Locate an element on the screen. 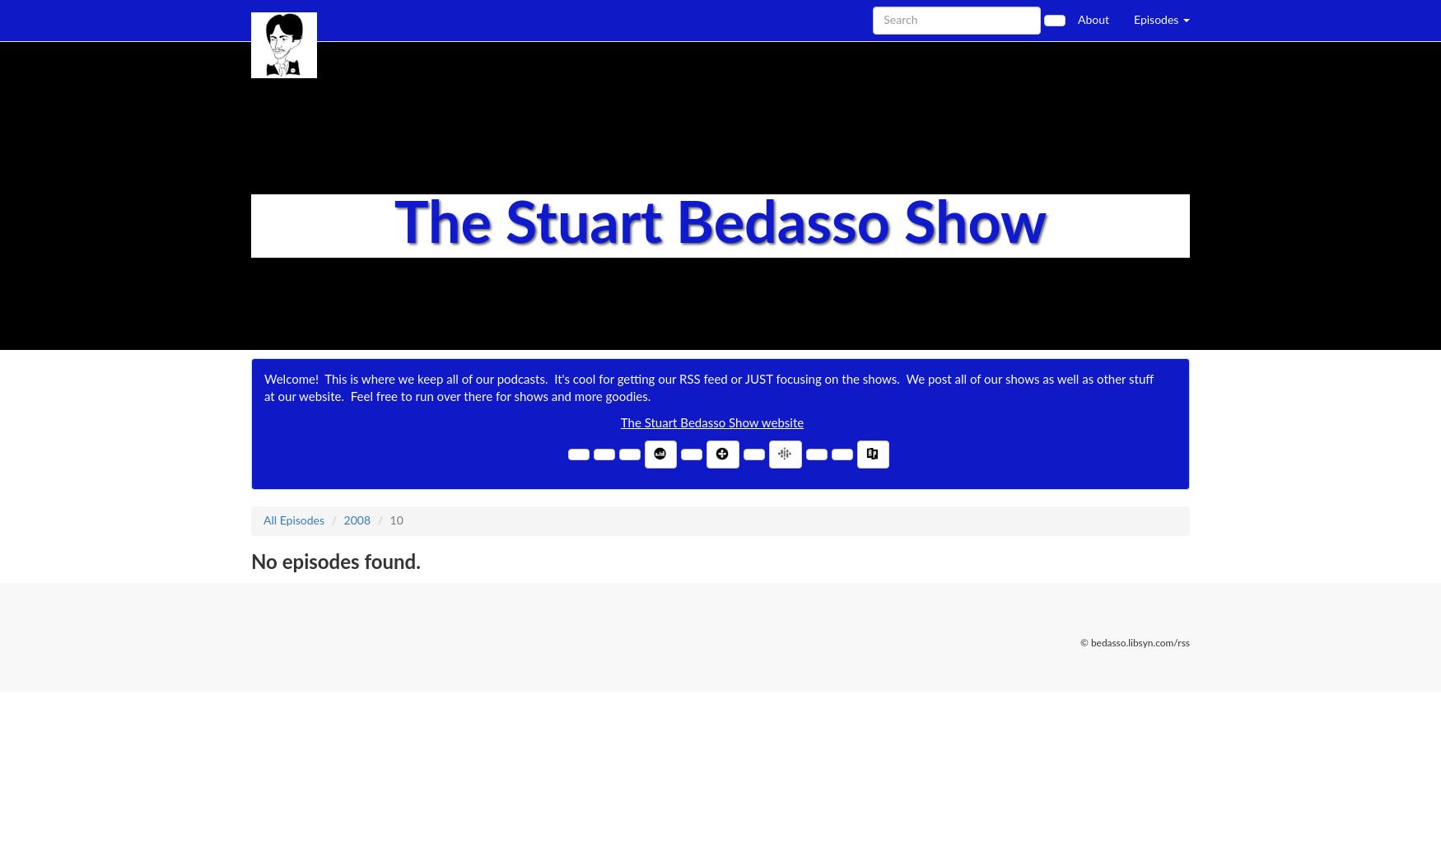  'All Episodes' is located at coordinates (294, 520).